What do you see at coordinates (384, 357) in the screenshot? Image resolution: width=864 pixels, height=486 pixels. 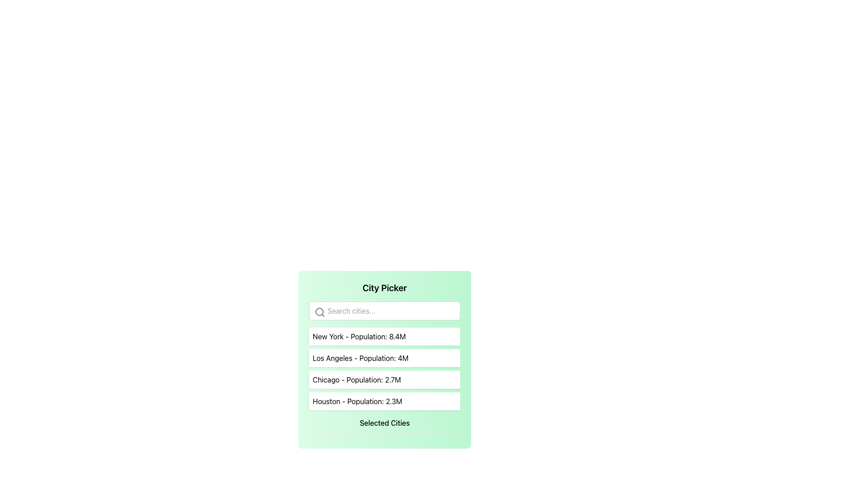 I see `the Text Display Element that shows 'Los Angeles - Population: 4M'` at bounding box center [384, 357].